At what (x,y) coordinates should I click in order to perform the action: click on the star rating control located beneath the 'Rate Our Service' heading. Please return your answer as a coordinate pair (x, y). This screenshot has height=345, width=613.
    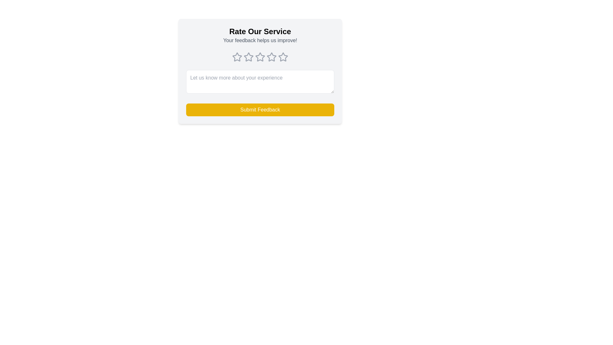
    Looking at the image, I should click on (260, 57).